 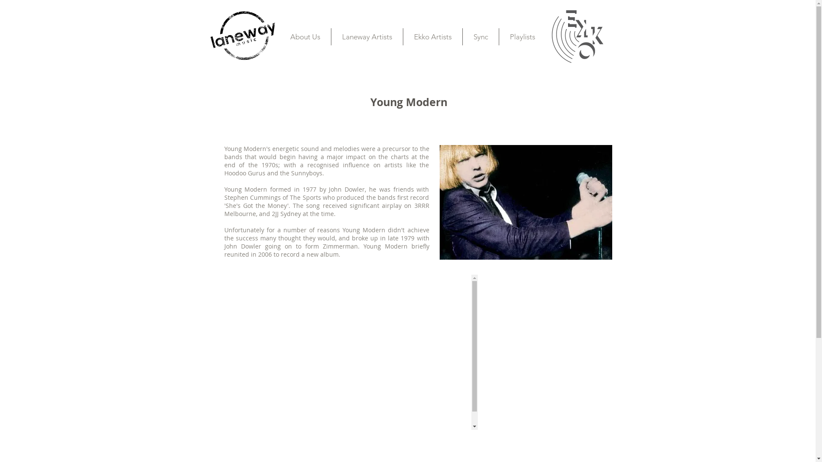 I want to click on 'Sync', so click(x=480, y=36).